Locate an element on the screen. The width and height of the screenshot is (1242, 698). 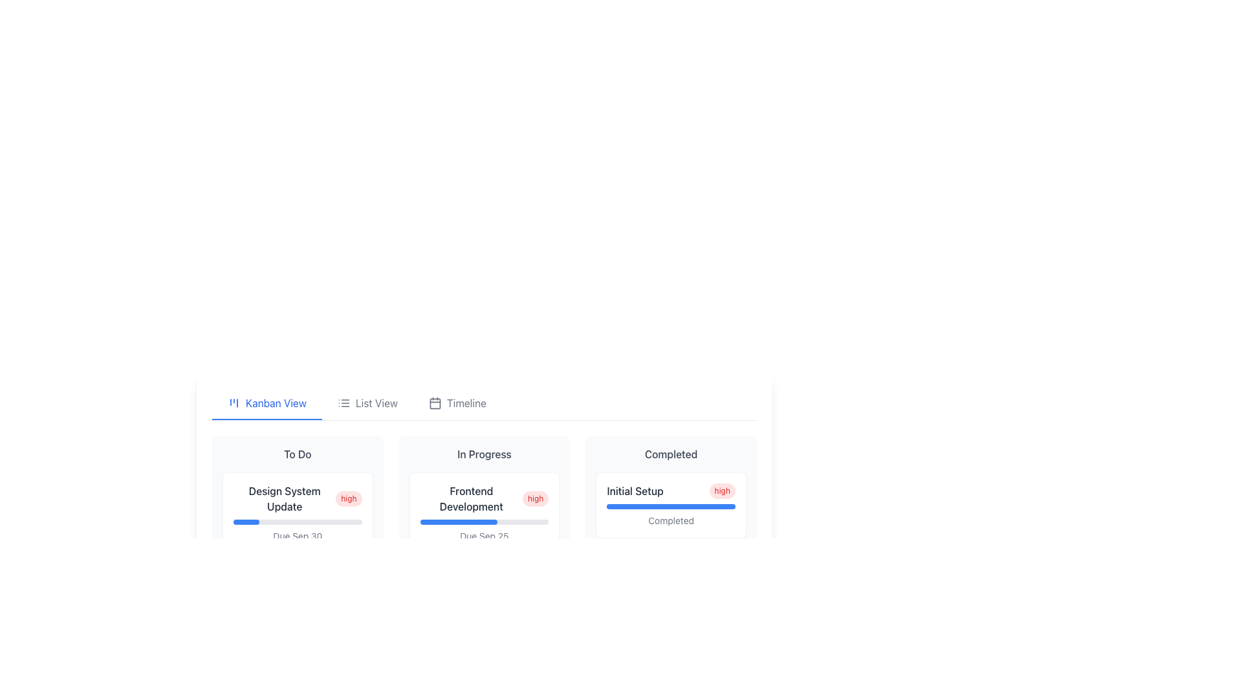
the 'Frontend Development' card element from the 'In Progress' column is located at coordinates (483, 513).